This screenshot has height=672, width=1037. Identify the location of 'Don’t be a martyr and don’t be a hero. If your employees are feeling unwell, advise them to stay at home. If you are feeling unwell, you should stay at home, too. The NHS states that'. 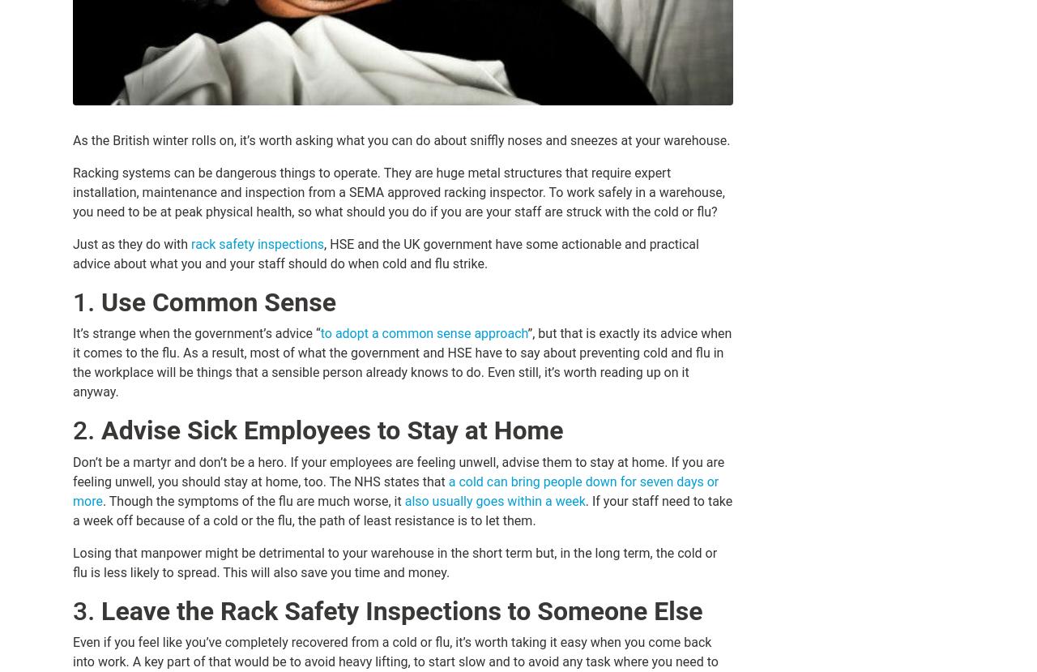
(399, 470).